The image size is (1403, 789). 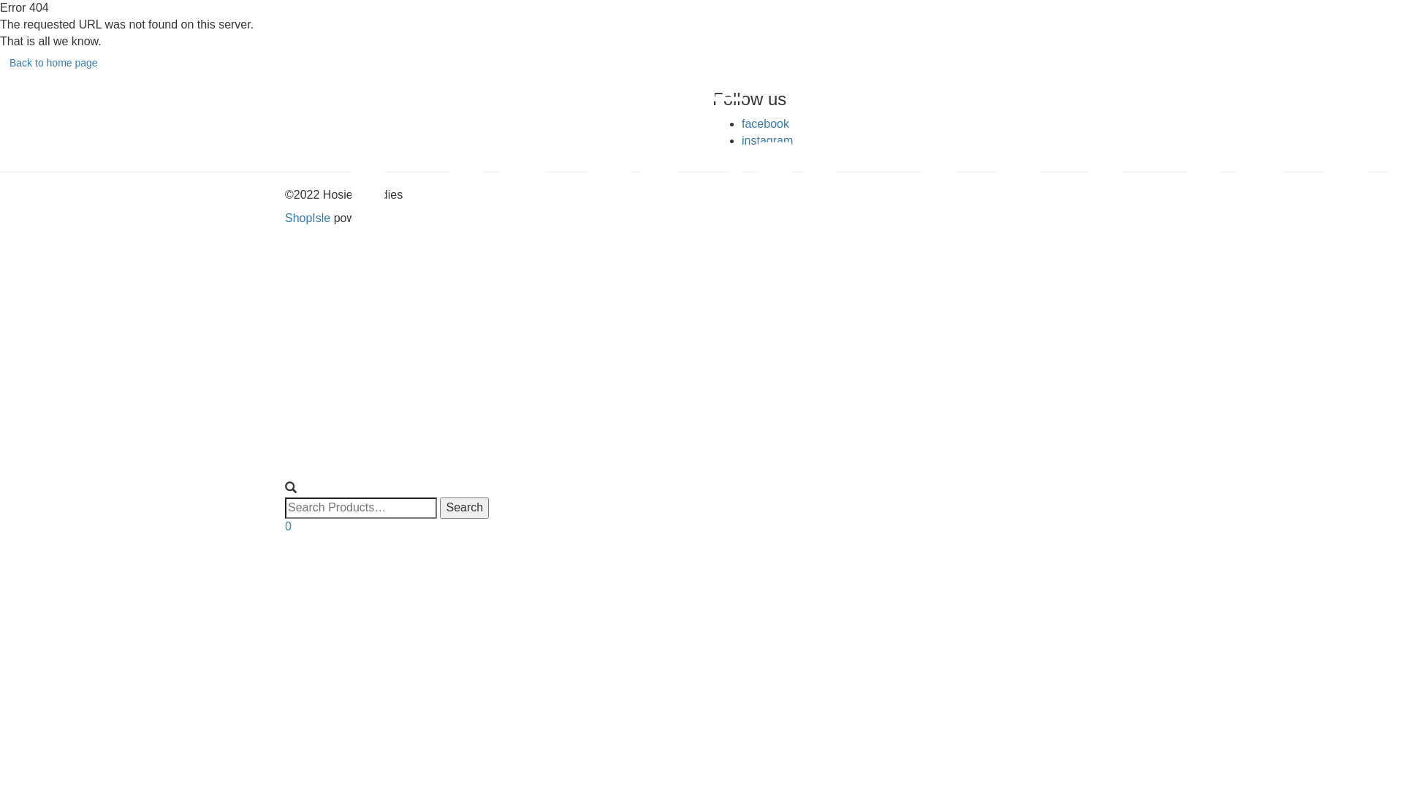 I want to click on 'instagram', so click(x=741, y=140).